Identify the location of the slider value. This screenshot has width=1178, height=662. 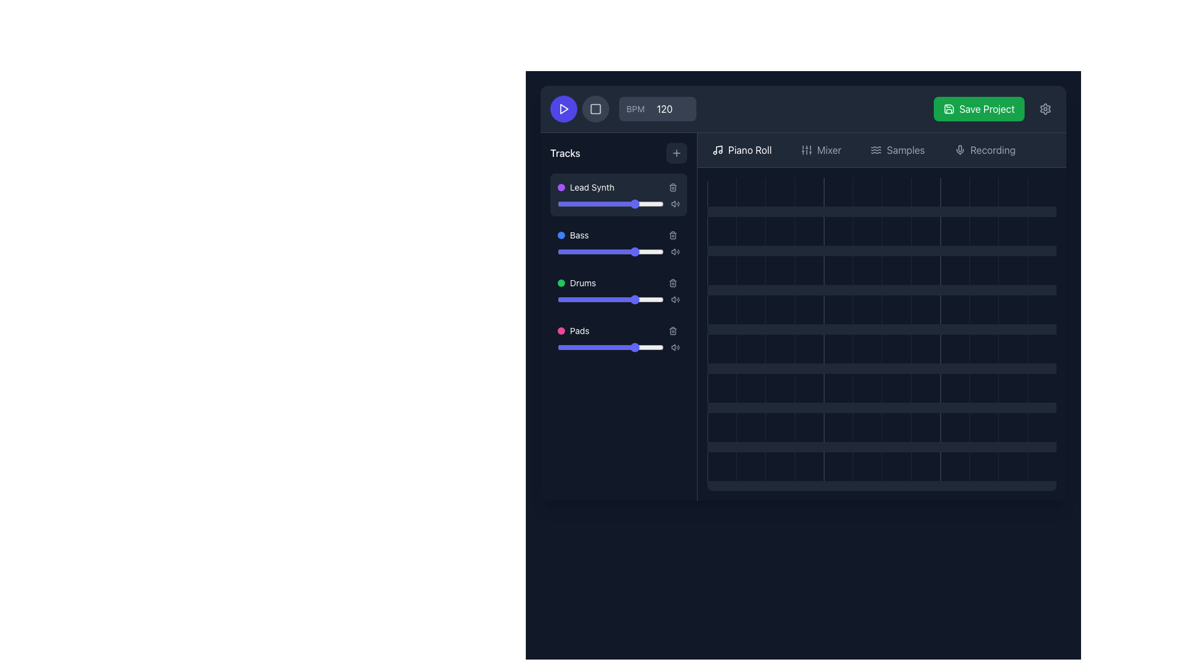
(632, 203).